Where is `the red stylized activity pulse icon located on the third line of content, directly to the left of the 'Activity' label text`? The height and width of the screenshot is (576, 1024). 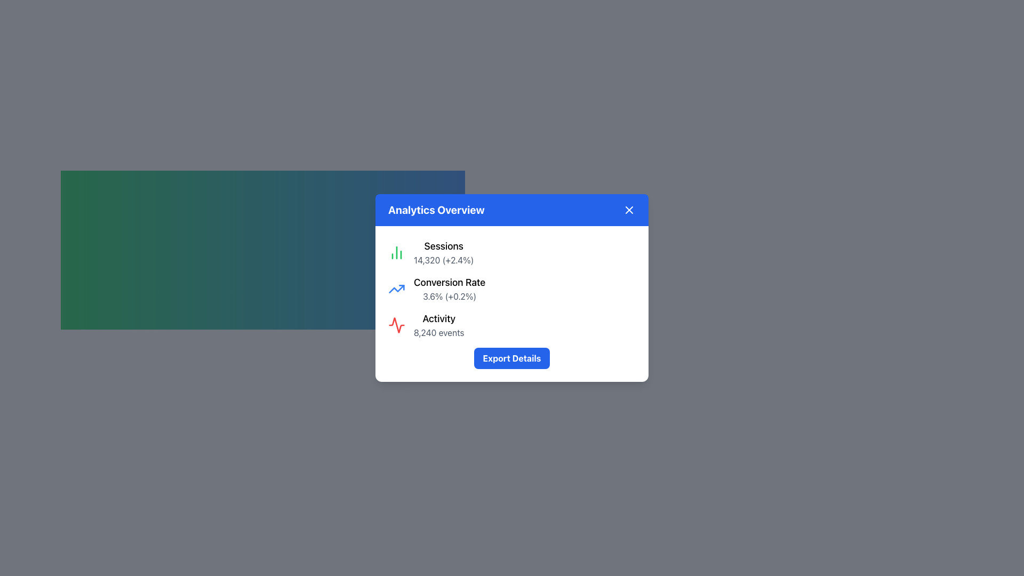
the red stylized activity pulse icon located on the third line of content, directly to the left of the 'Activity' label text is located at coordinates (396, 324).